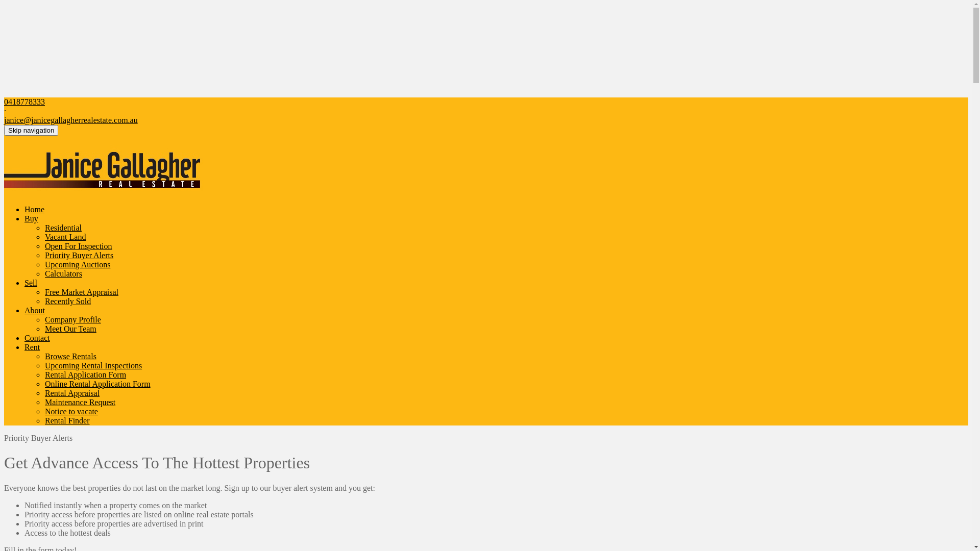 The width and height of the screenshot is (980, 551). What do you see at coordinates (67, 300) in the screenshot?
I see `'Recently Sold'` at bounding box center [67, 300].